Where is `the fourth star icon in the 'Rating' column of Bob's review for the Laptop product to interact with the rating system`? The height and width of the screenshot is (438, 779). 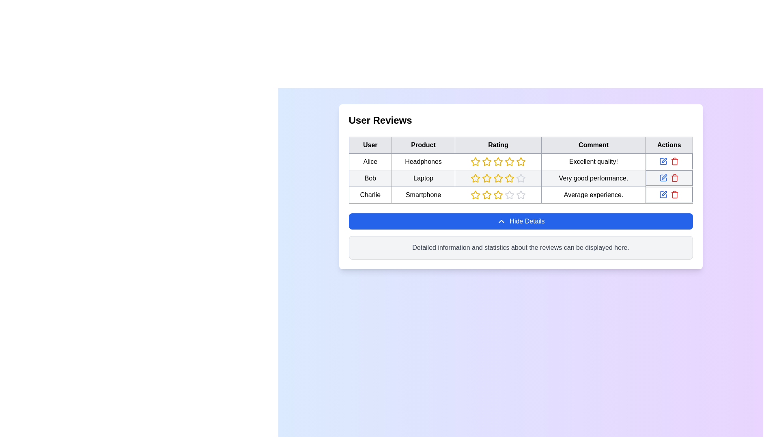
the fourth star icon in the 'Rating' column of Bob's review for the Laptop product to interact with the rating system is located at coordinates (487, 178).